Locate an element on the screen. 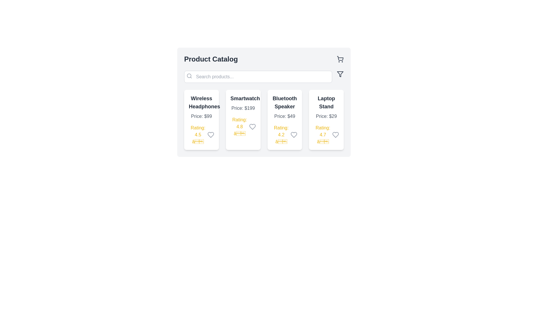  the text label displaying 'Laptop Stand' which is positioned at the top of the fourth product card in the horizontal list is located at coordinates (326, 102).